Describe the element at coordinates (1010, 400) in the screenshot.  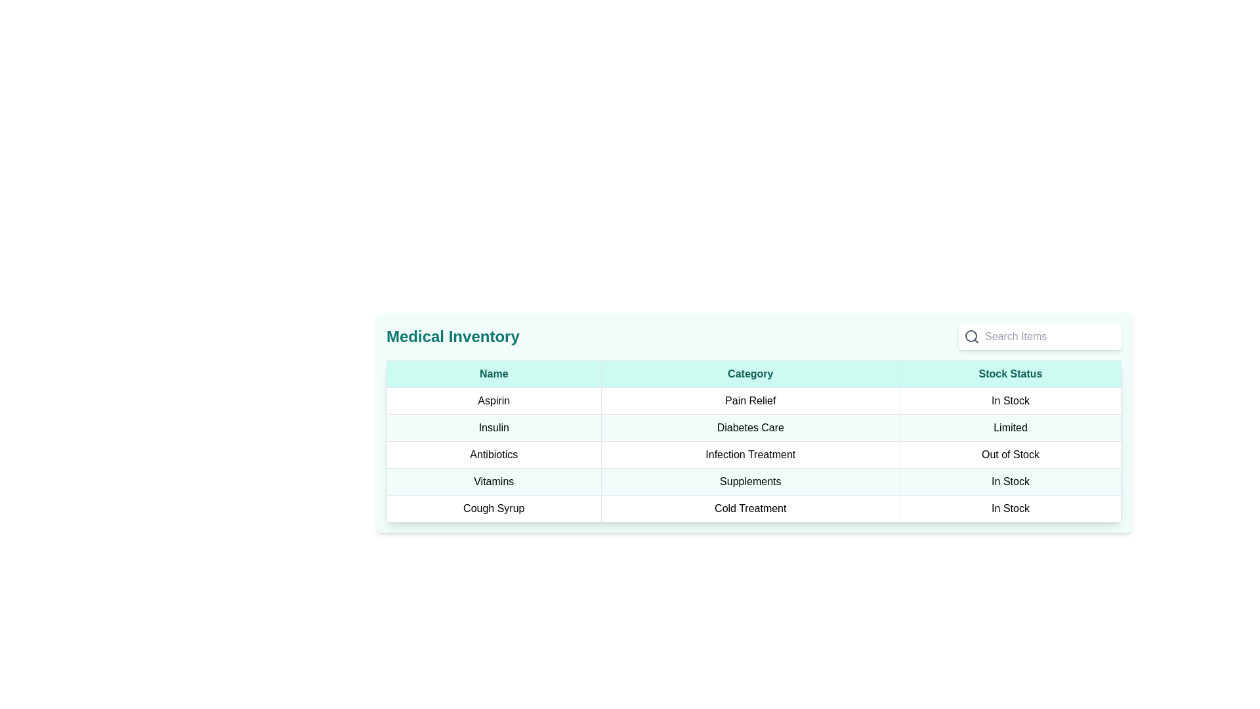
I see `the 'In Stock' text block, which is the third column in the first row of the table under the 'Stock Status' column, bordered by 'Pain Relief' on the left` at that location.